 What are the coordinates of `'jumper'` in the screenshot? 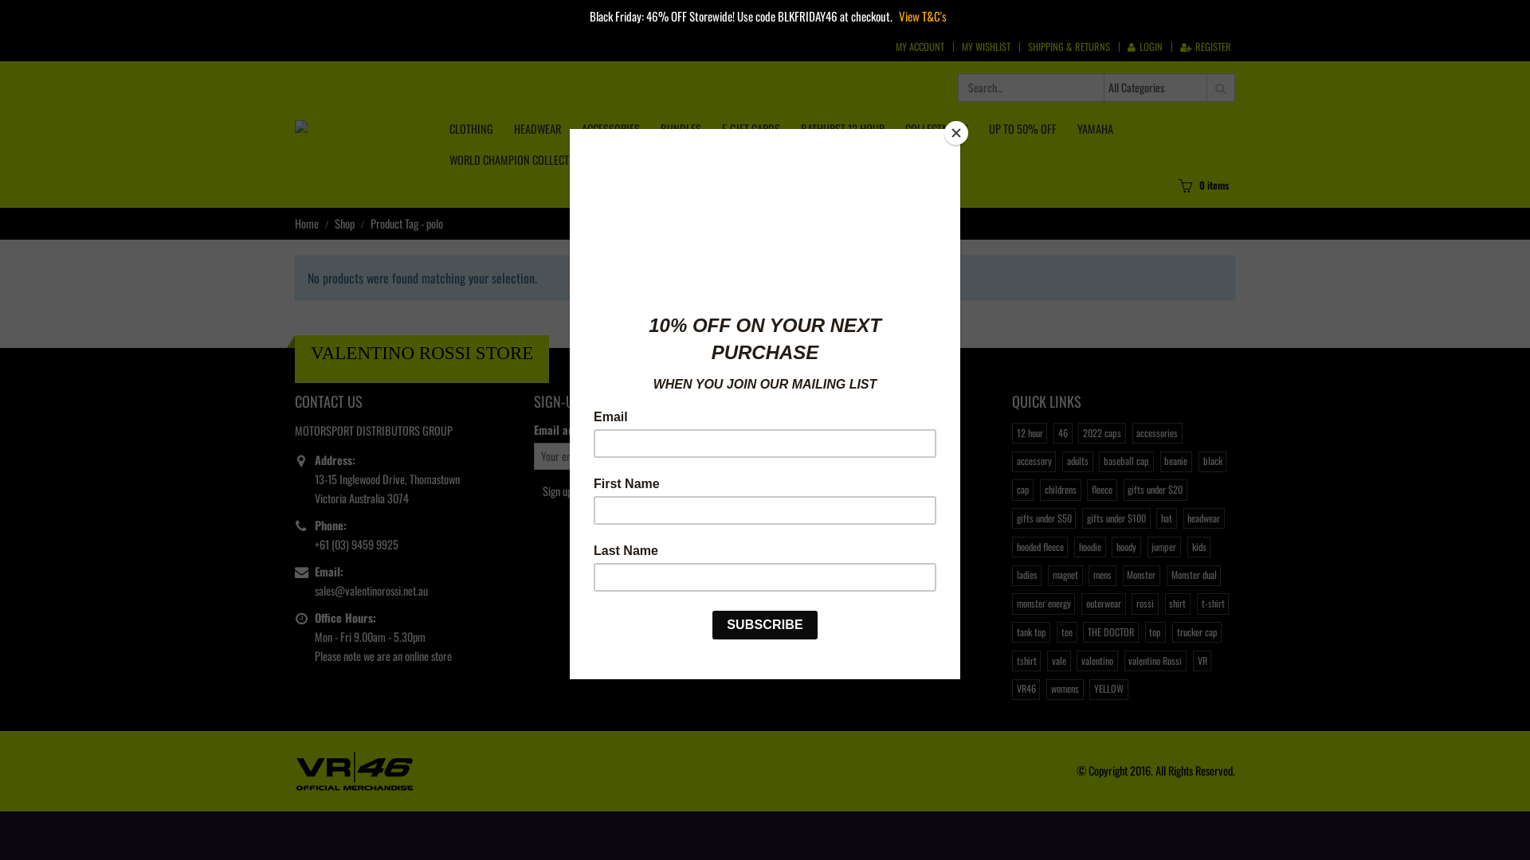 It's located at (1163, 545).